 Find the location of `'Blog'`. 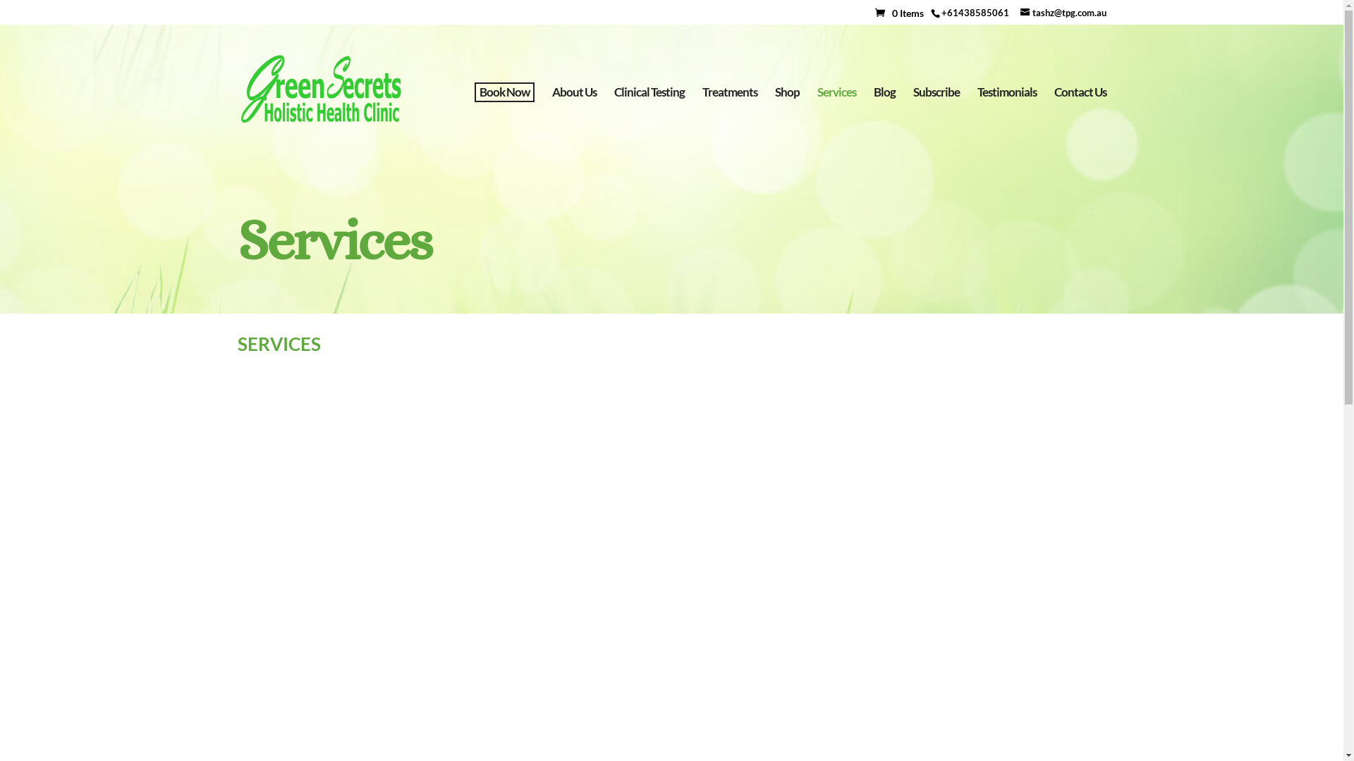

'Blog' is located at coordinates (883, 120).